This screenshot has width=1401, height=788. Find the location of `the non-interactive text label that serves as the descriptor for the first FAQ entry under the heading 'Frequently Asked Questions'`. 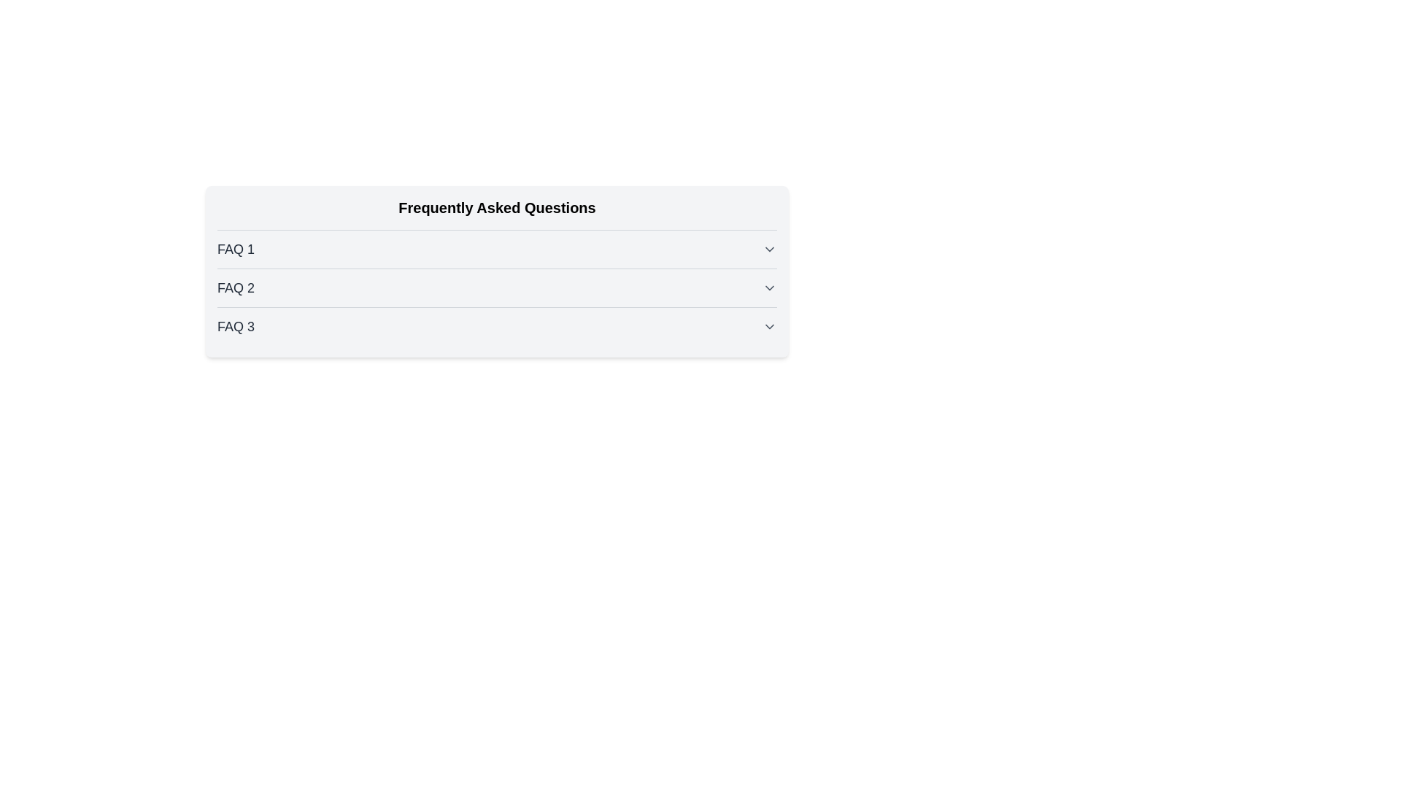

the non-interactive text label that serves as the descriptor for the first FAQ entry under the heading 'Frequently Asked Questions' is located at coordinates (236, 249).